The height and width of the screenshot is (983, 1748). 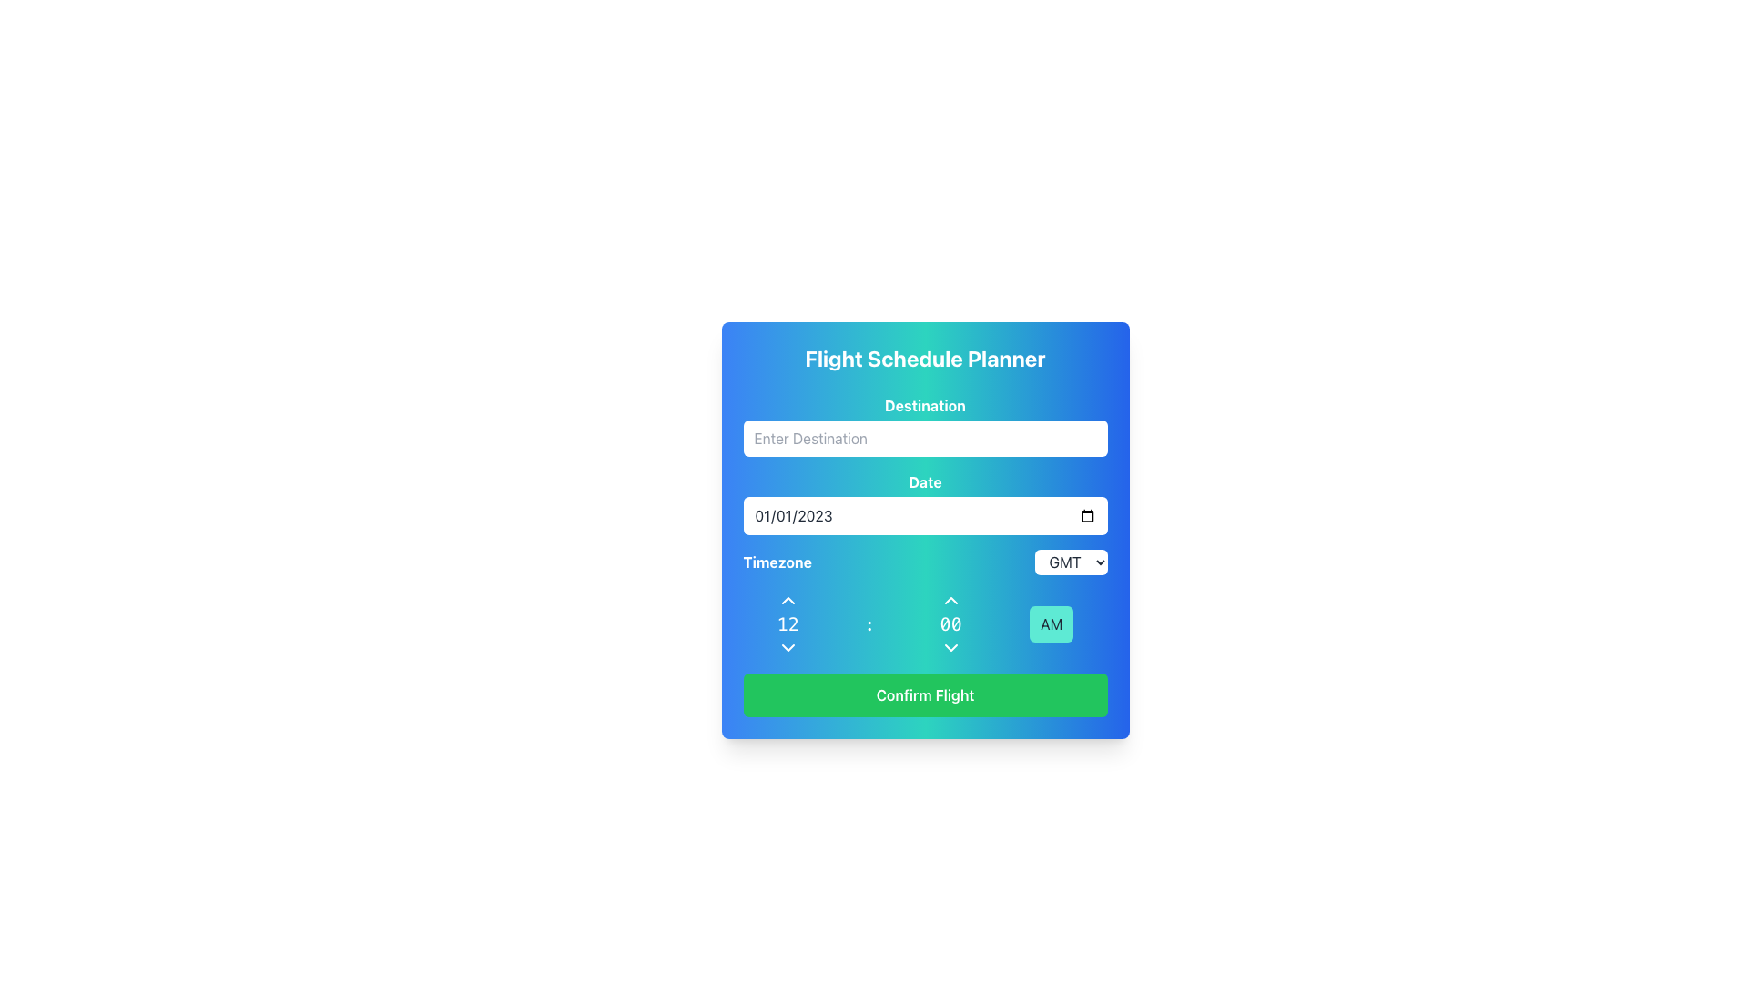 I want to click on the bold colon (':') symbol that separates the hours and minutes in the time selection section of the interface, so click(x=869, y=623).